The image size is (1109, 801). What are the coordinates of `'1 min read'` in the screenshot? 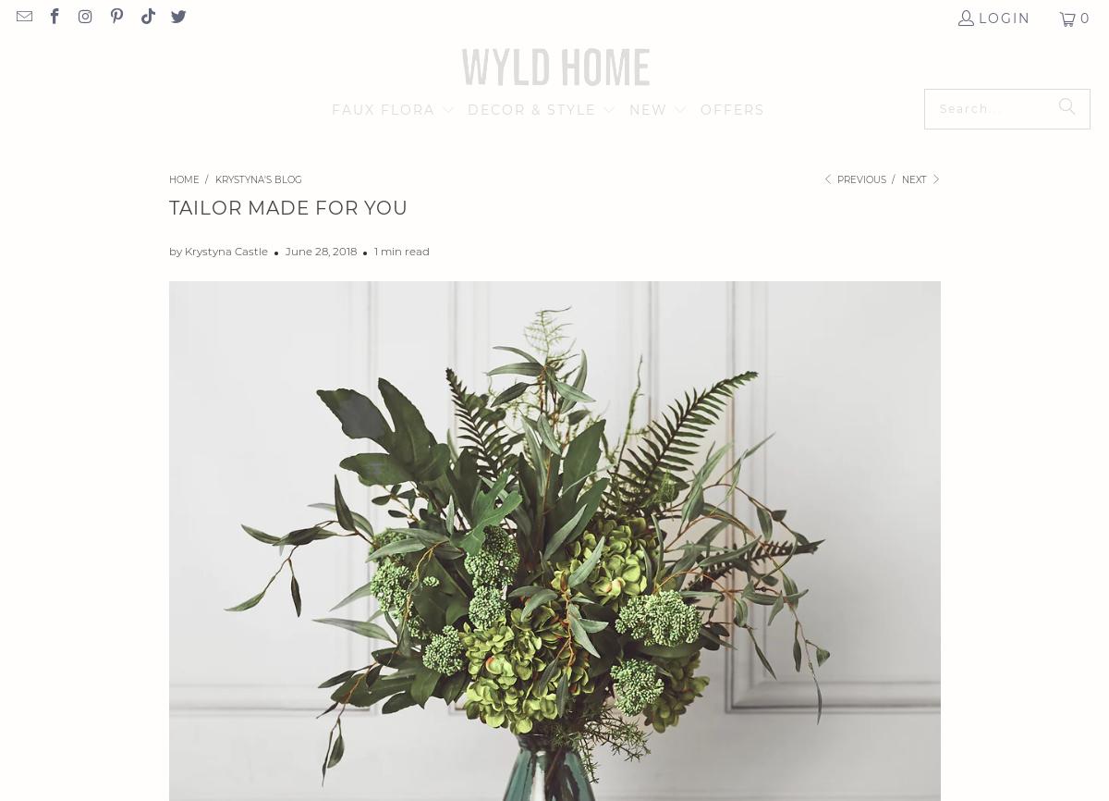 It's located at (401, 251).